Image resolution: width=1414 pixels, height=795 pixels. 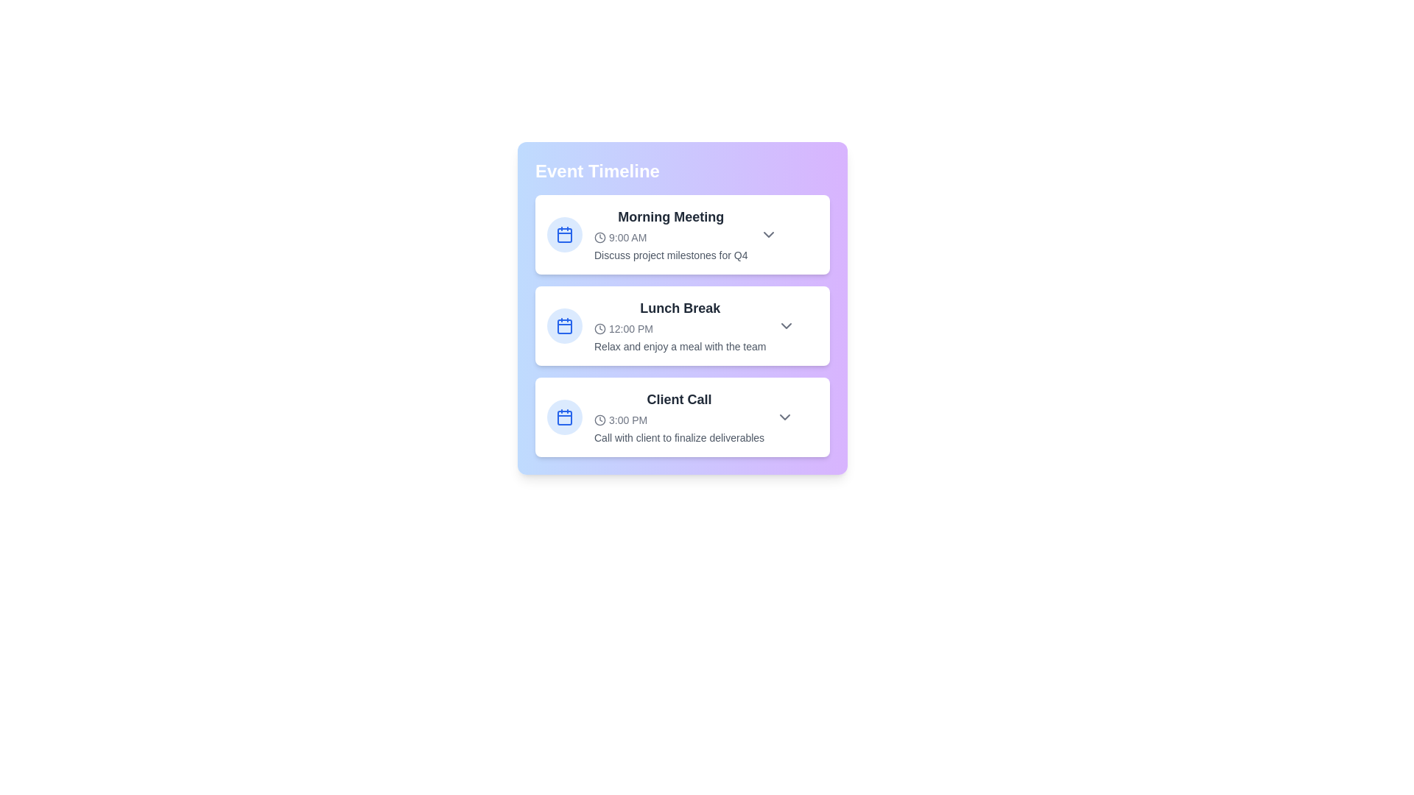 I want to click on the icon associated with the event Lunch Break to inspect its details, so click(x=564, y=325).